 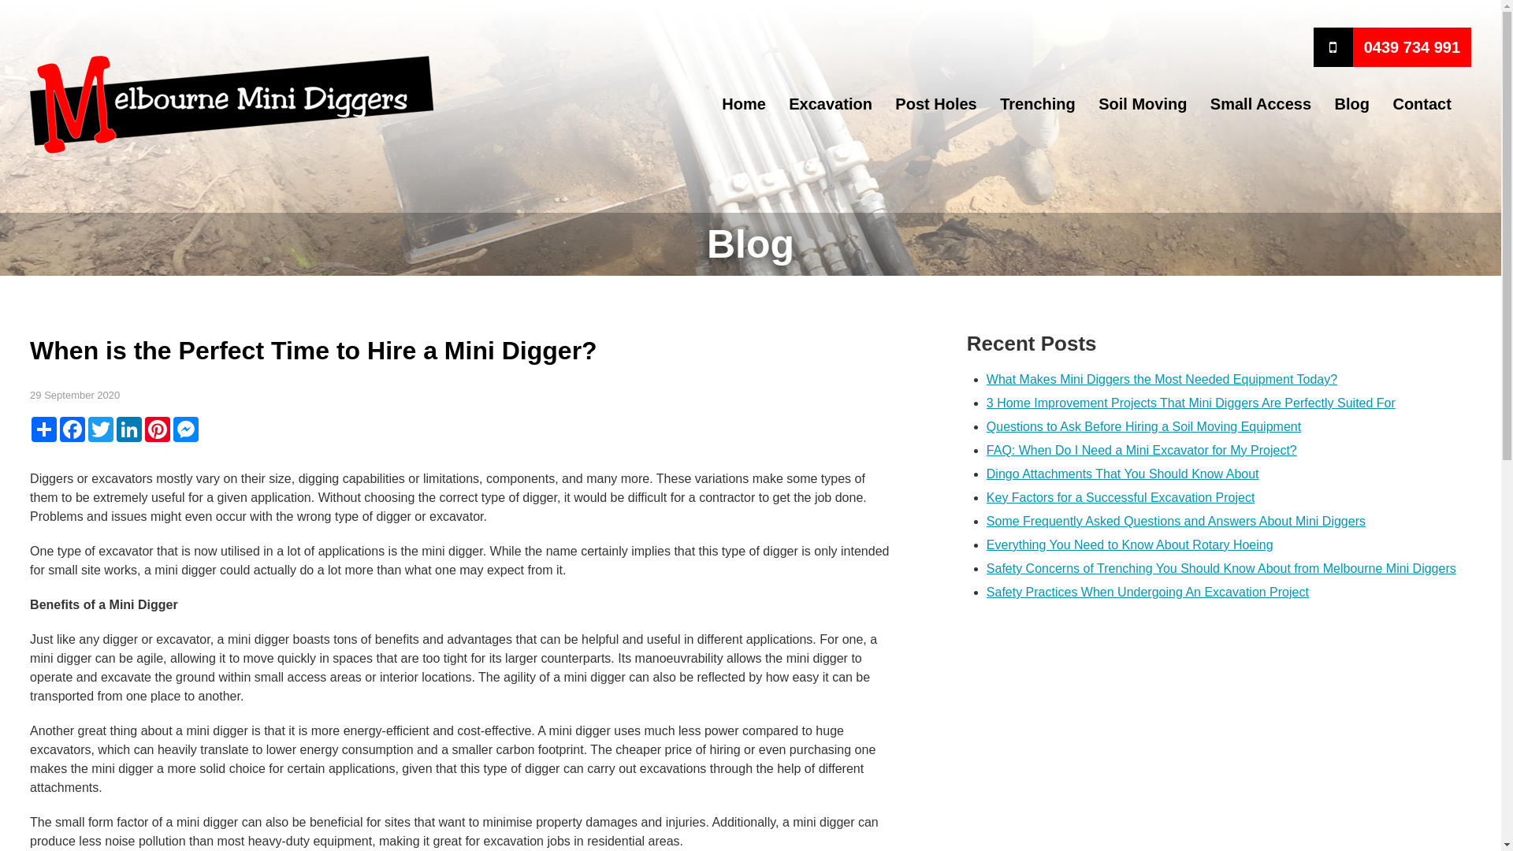 I want to click on 'Facebook', so click(x=71, y=429).